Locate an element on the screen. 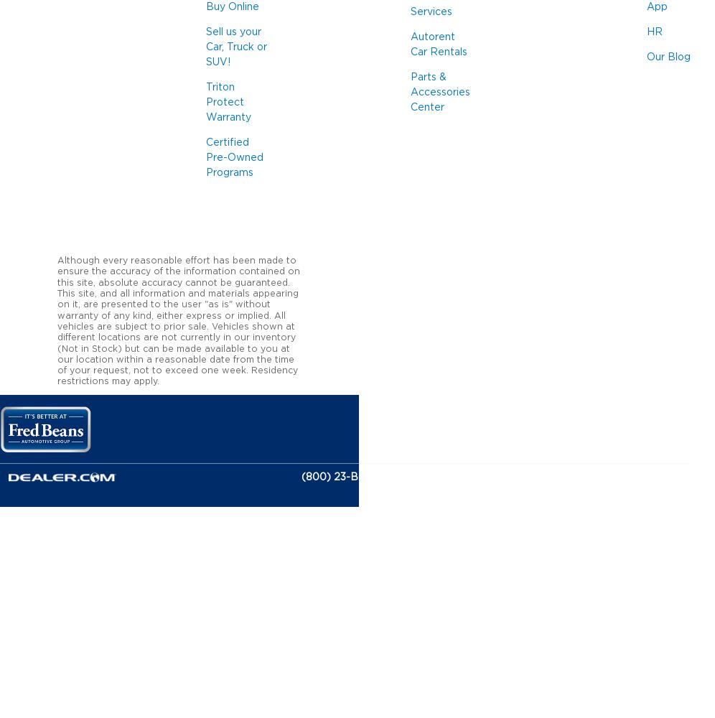 The height and width of the screenshot is (718, 715). 'Parts & Accessories Center' is located at coordinates (440, 93).